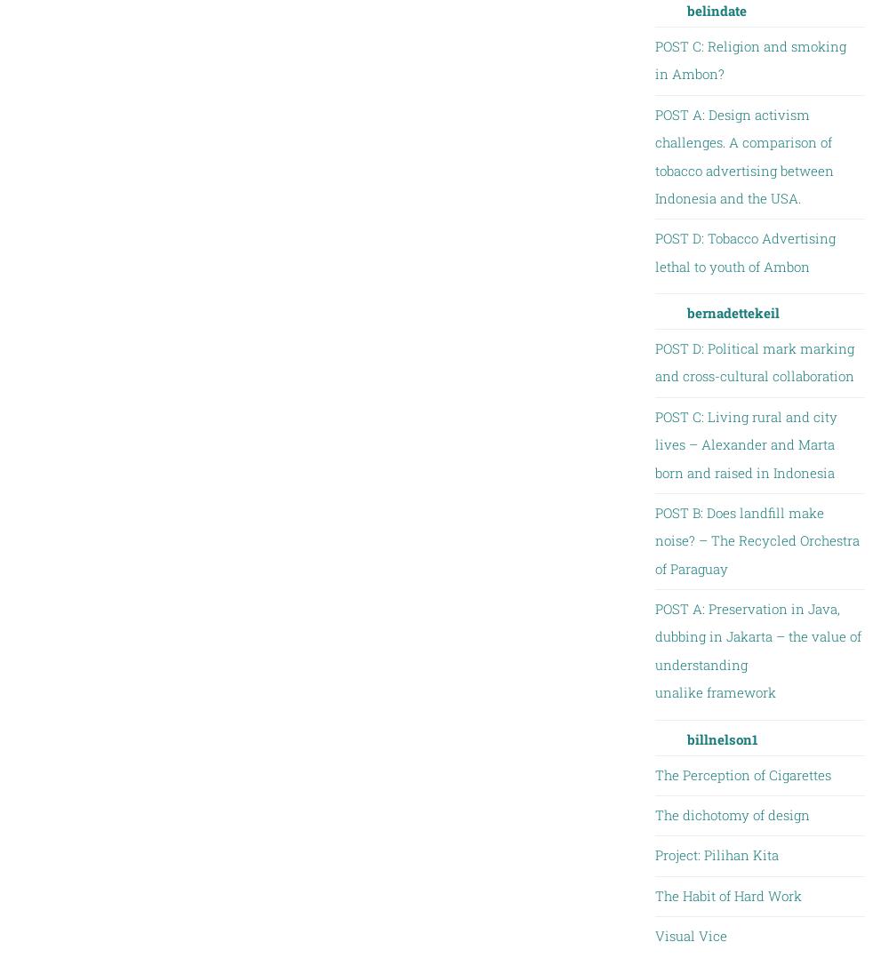 Image resolution: width=889 pixels, height=958 pixels. Describe the element at coordinates (732, 312) in the screenshot. I see `'bernadettekeil'` at that location.